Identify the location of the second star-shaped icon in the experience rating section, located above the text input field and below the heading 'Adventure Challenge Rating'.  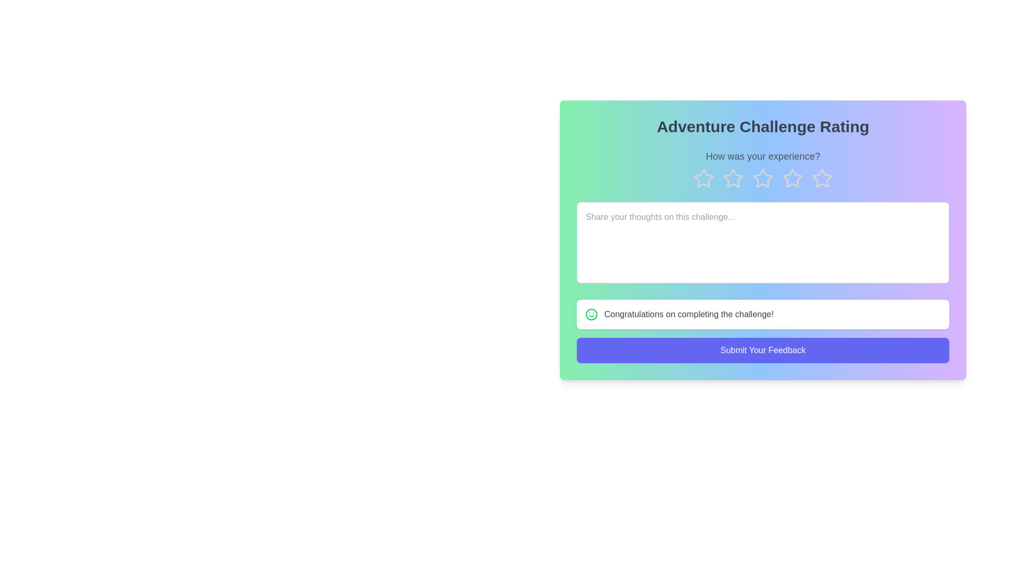
(733, 178).